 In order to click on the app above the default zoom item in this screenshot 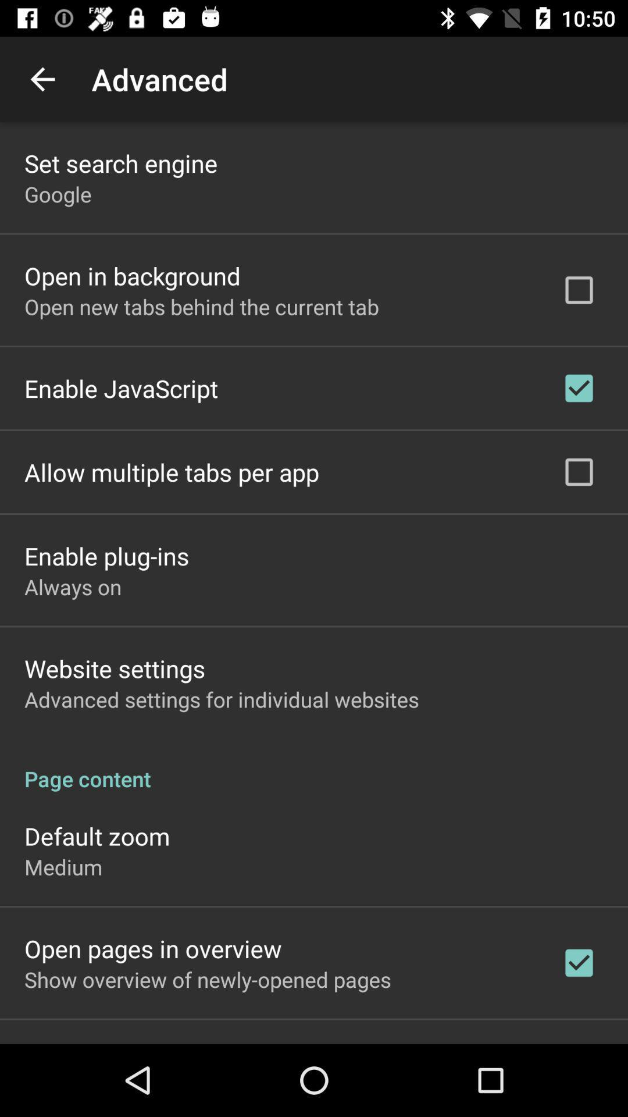, I will do `click(314, 766)`.